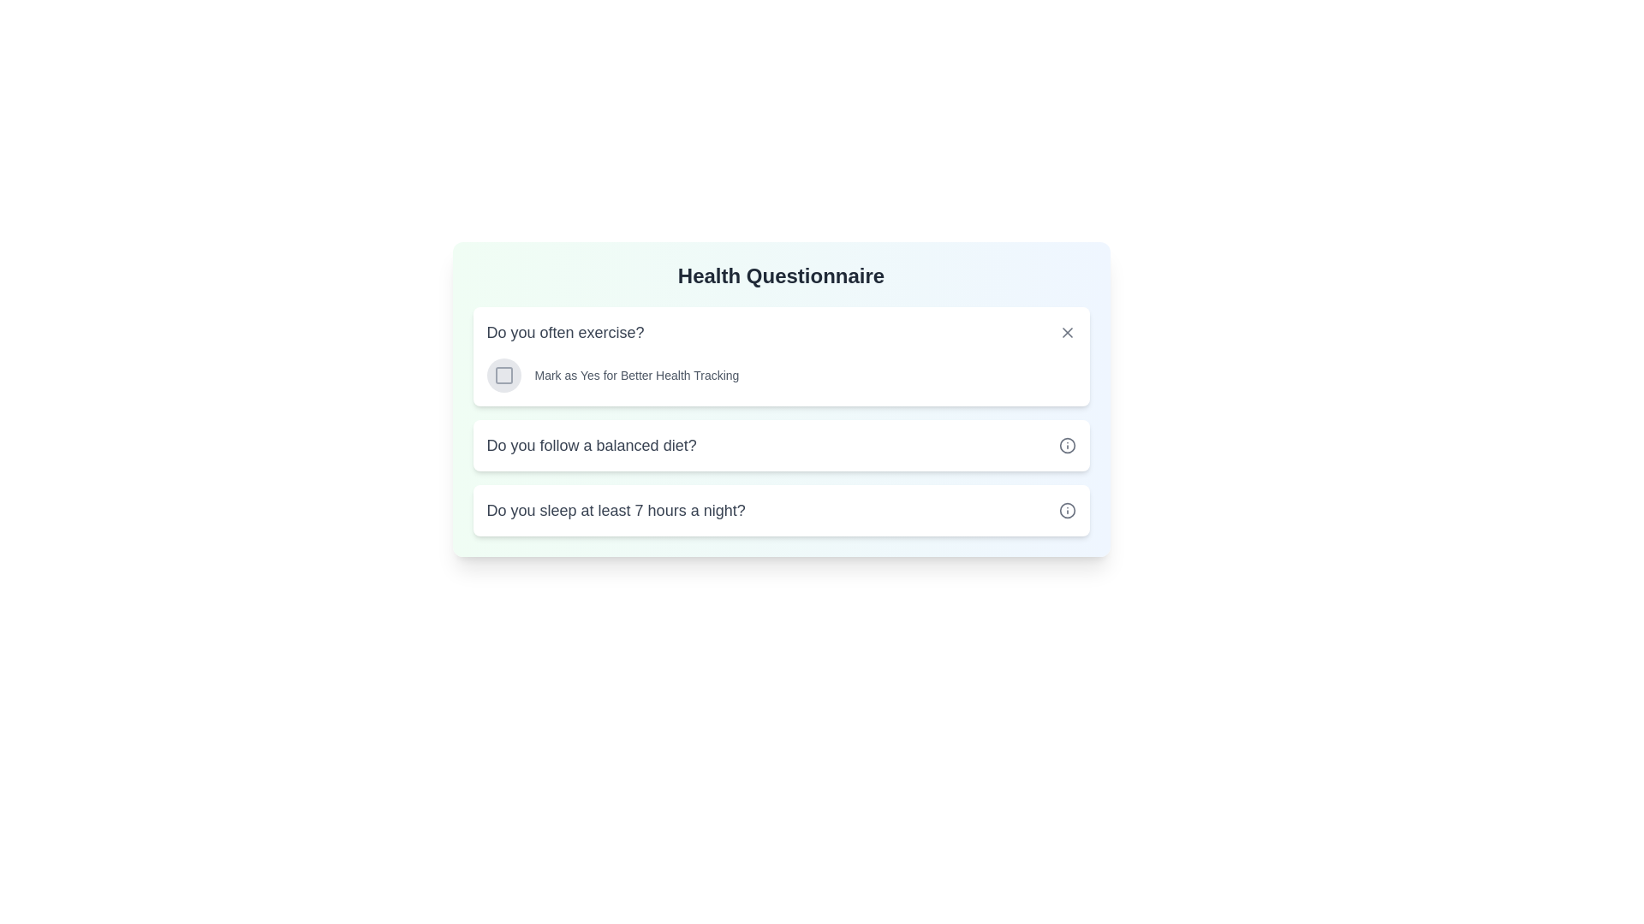 The height and width of the screenshot is (924, 1644). Describe the element at coordinates (1066, 333) in the screenshot. I see `the close button located in the top-right corner of the question block associated with 'Do you often exercise?'` at that location.